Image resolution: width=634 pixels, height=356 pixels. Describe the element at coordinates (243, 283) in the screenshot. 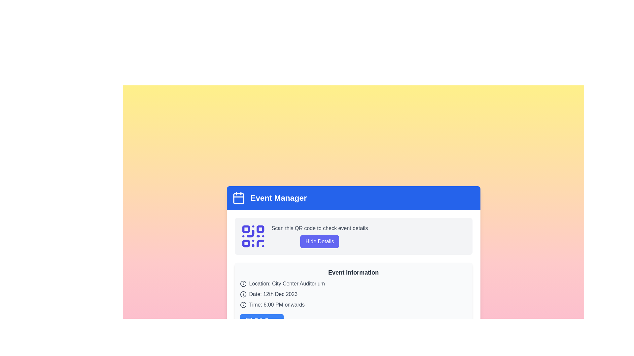

I see `the SVG Circle icon located at the top-left corner of the event details list, which visually represents location information` at that location.